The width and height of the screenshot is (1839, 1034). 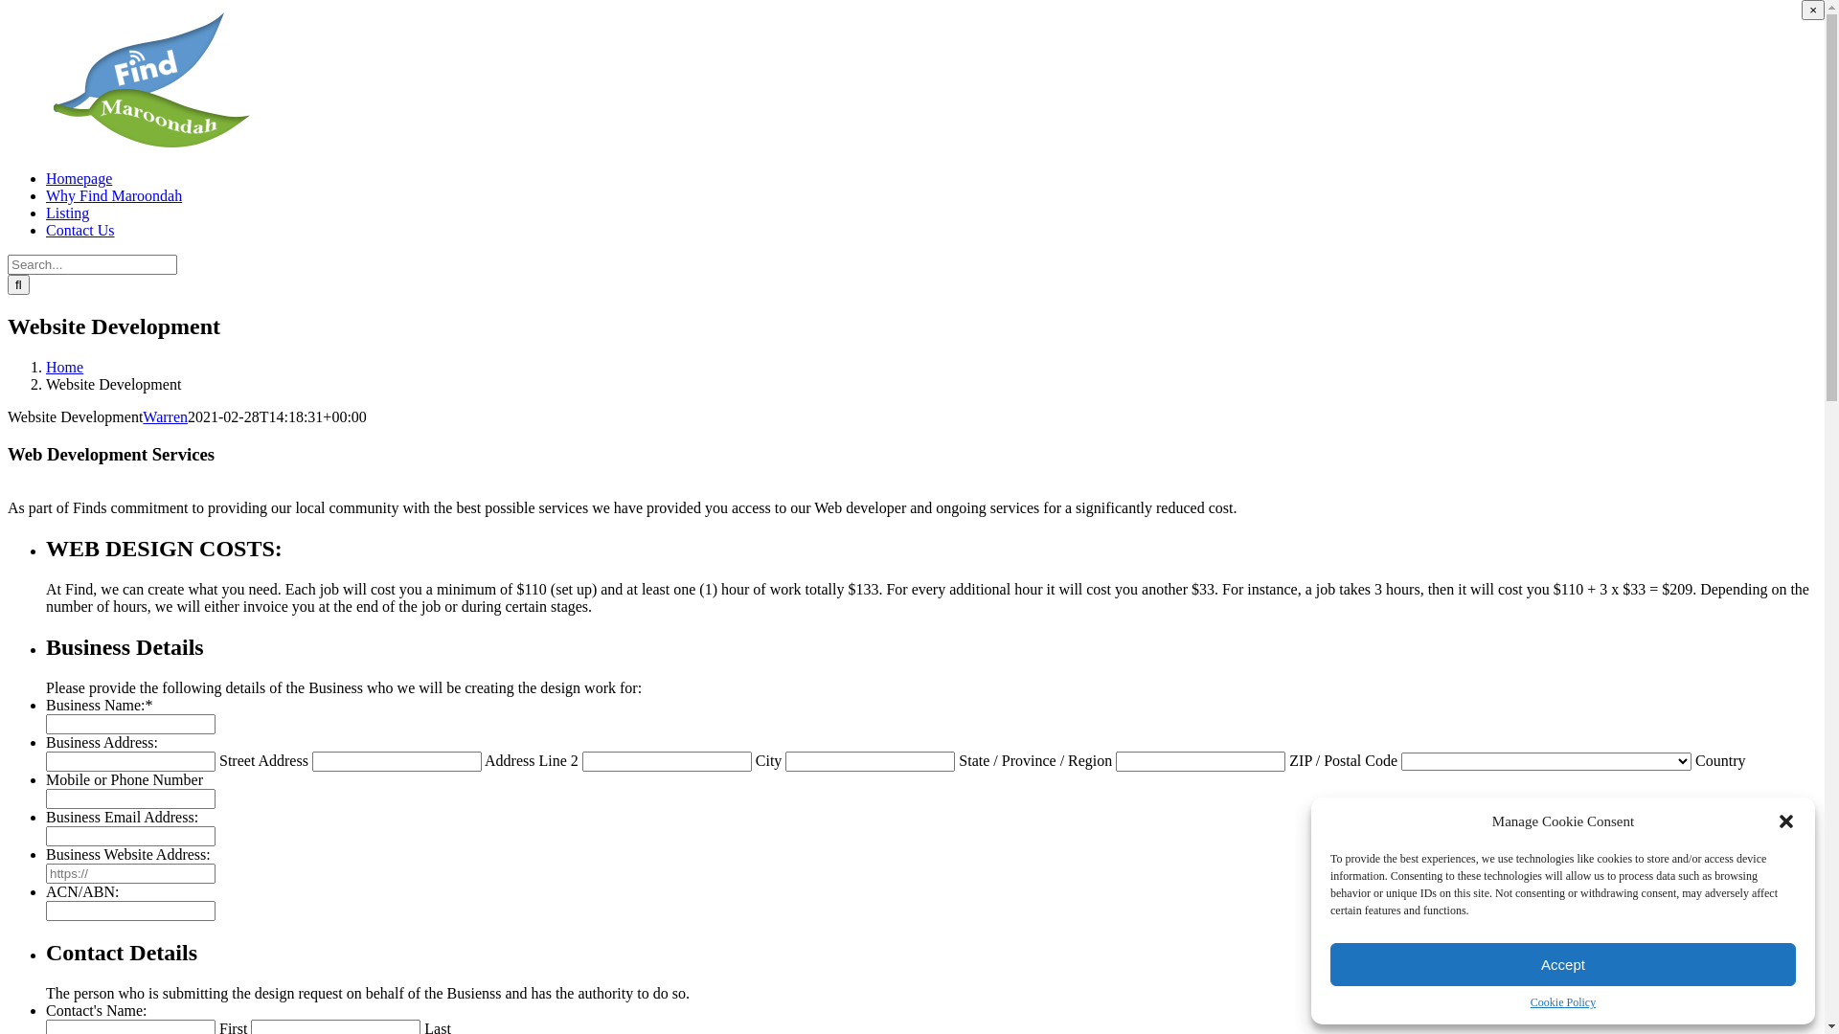 What do you see at coordinates (46, 195) in the screenshot?
I see `'Why Find Maroondah'` at bounding box center [46, 195].